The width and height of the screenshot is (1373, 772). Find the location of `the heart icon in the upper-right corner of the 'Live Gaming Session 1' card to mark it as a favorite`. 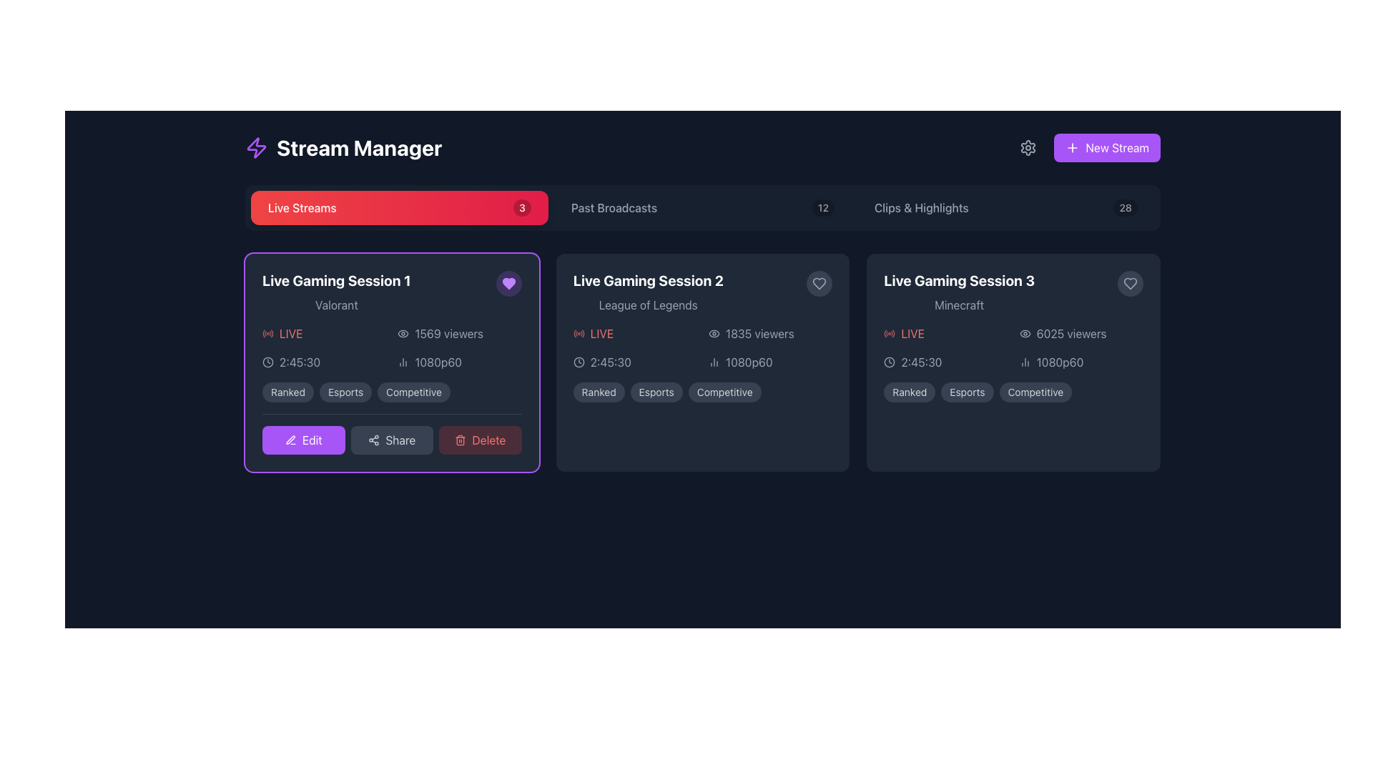

the heart icon in the upper-right corner of the 'Live Gaming Session 1' card to mark it as a favorite is located at coordinates (1129, 284).